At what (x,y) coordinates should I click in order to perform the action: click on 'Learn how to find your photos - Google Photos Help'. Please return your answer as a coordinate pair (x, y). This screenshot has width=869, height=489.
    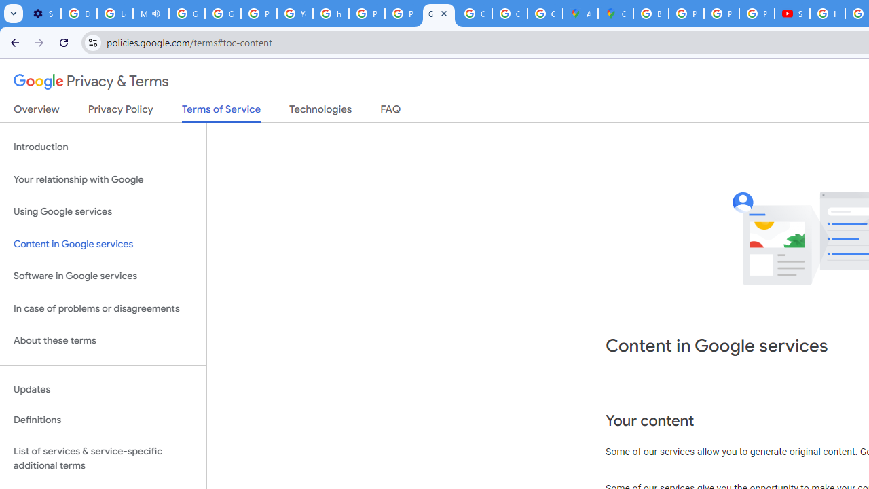
    Looking at the image, I should click on (115, 14).